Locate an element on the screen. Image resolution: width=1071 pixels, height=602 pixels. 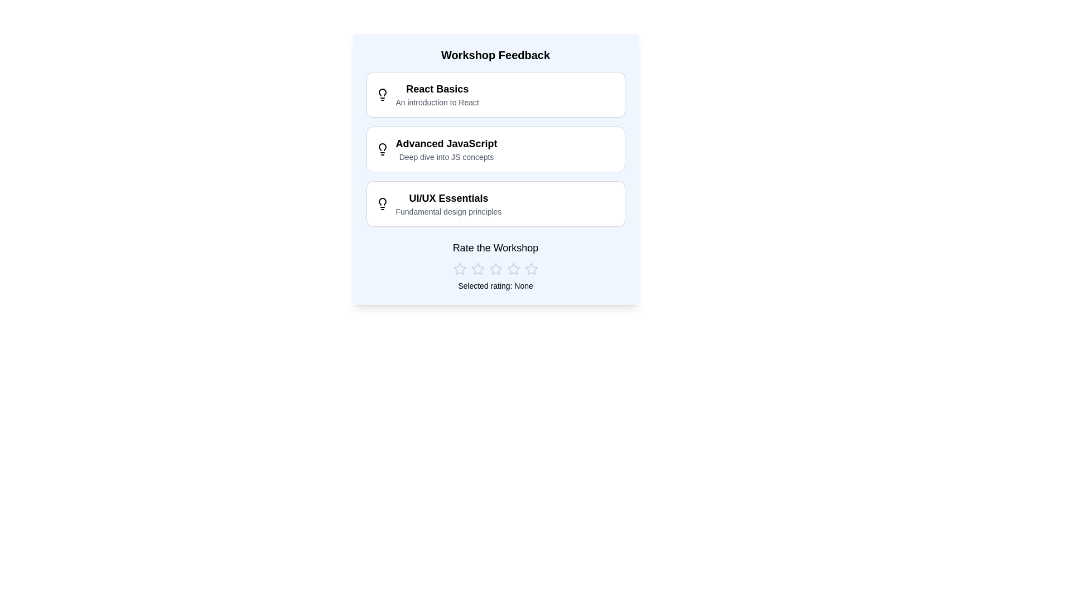
the first star-shaped icon is located at coordinates (460, 269).